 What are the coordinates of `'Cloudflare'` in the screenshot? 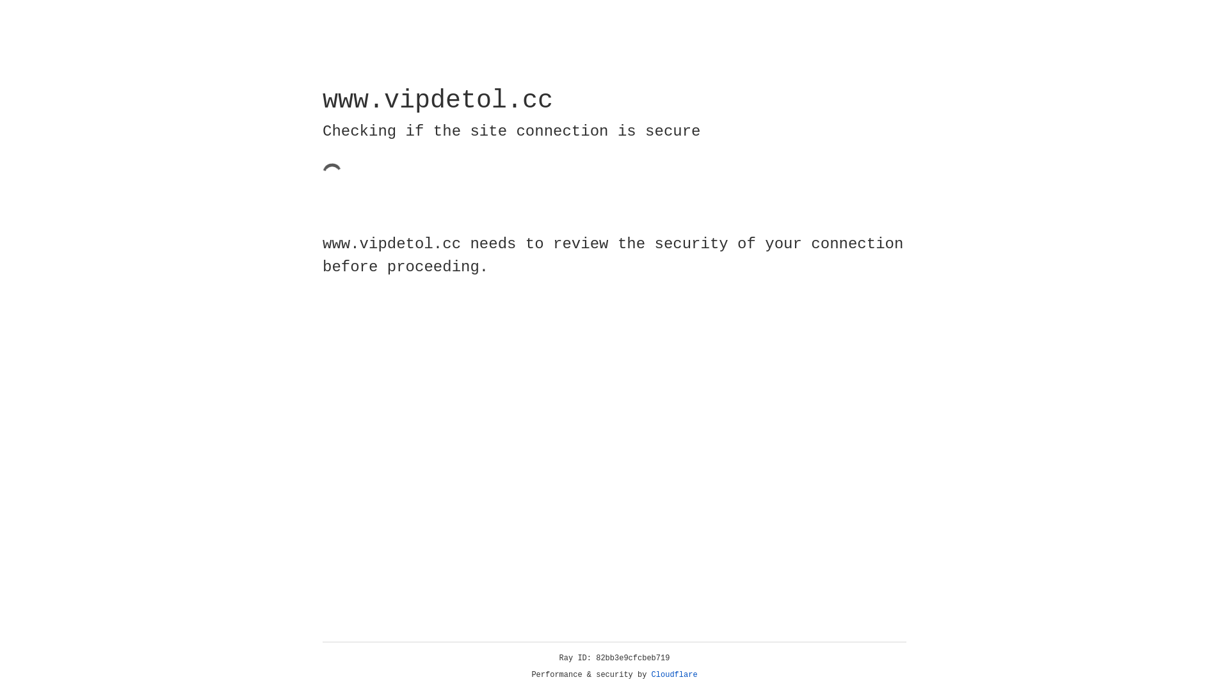 It's located at (651, 674).